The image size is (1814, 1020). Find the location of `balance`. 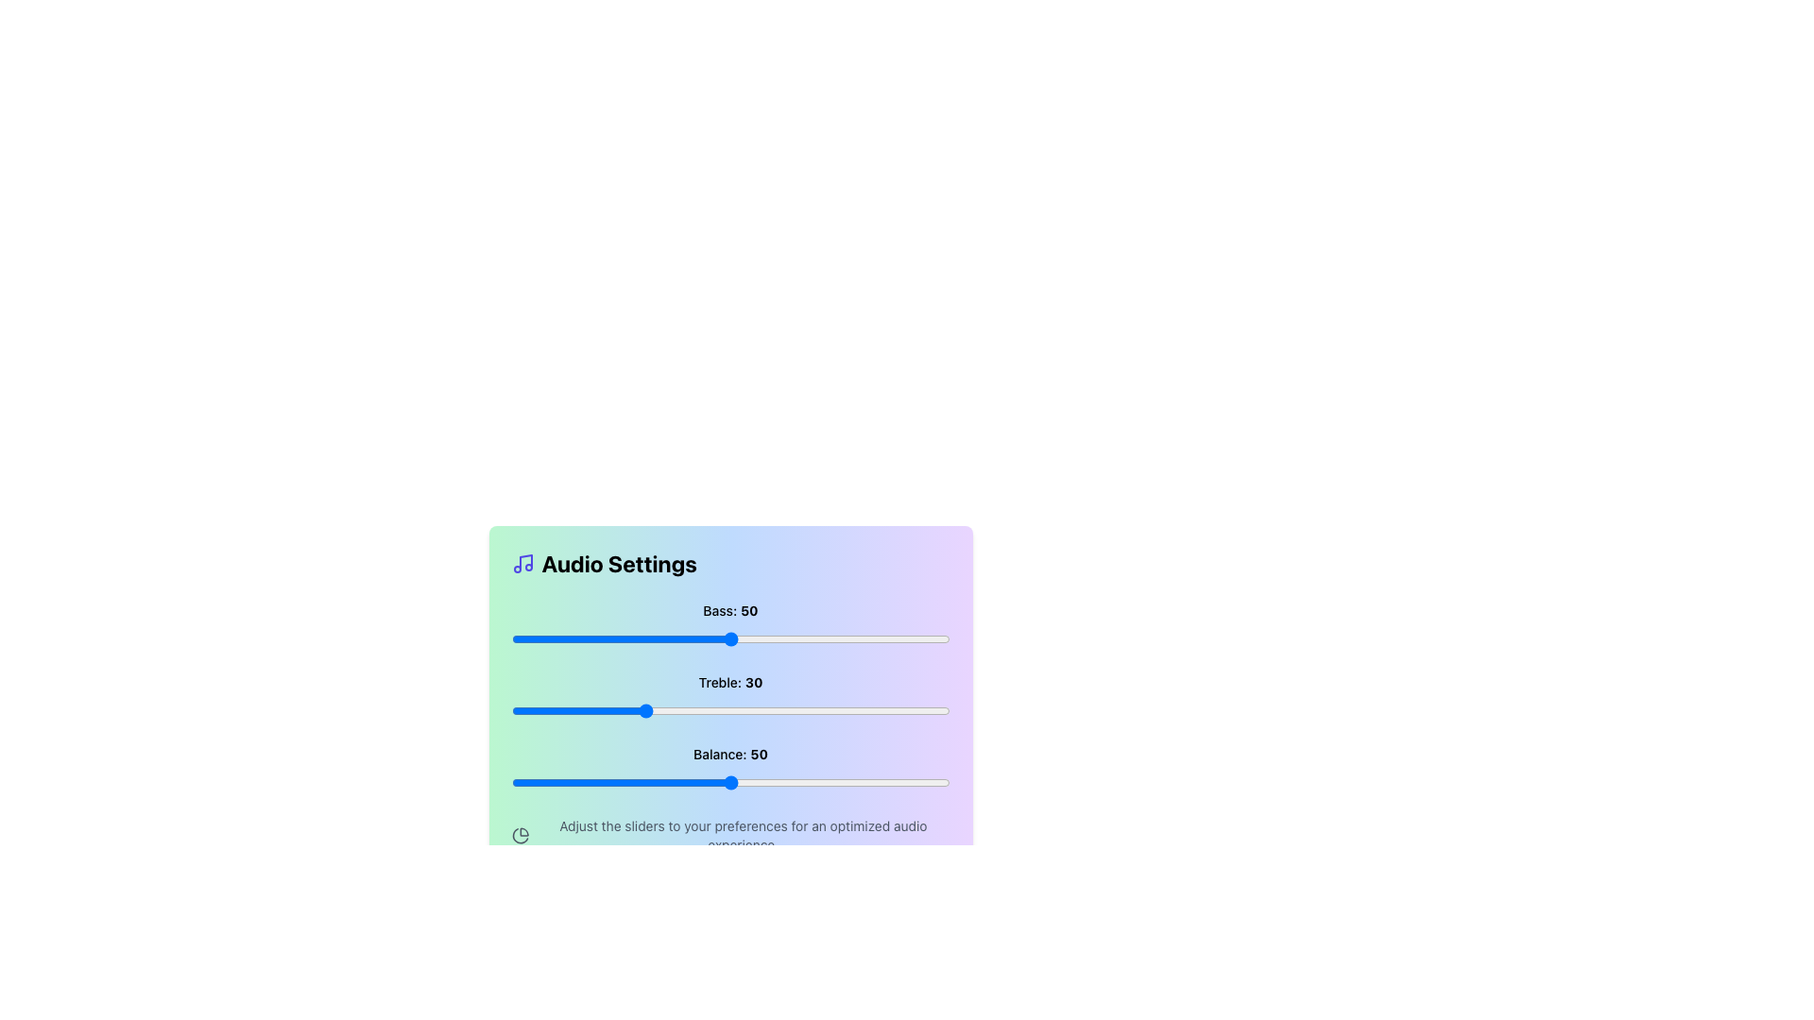

balance is located at coordinates (589, 783).